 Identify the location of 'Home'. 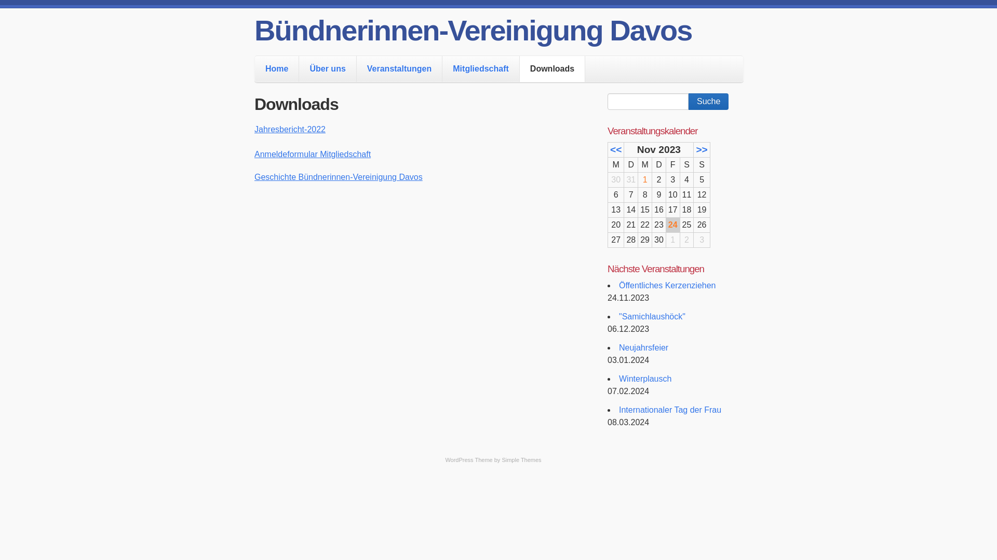
(276, 68).